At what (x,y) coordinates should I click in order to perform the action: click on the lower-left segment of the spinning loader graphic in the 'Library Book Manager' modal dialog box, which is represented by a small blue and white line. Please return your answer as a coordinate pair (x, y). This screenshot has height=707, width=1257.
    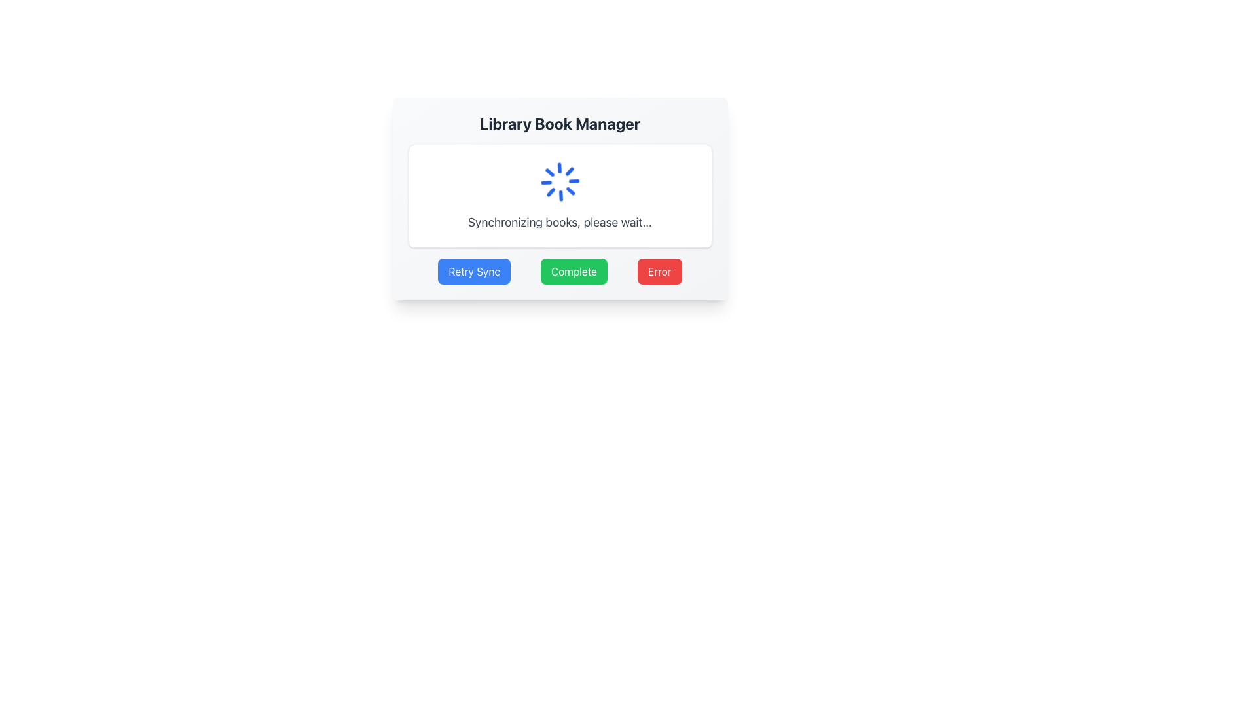
    Looking at the image, I should click on (568, 170).